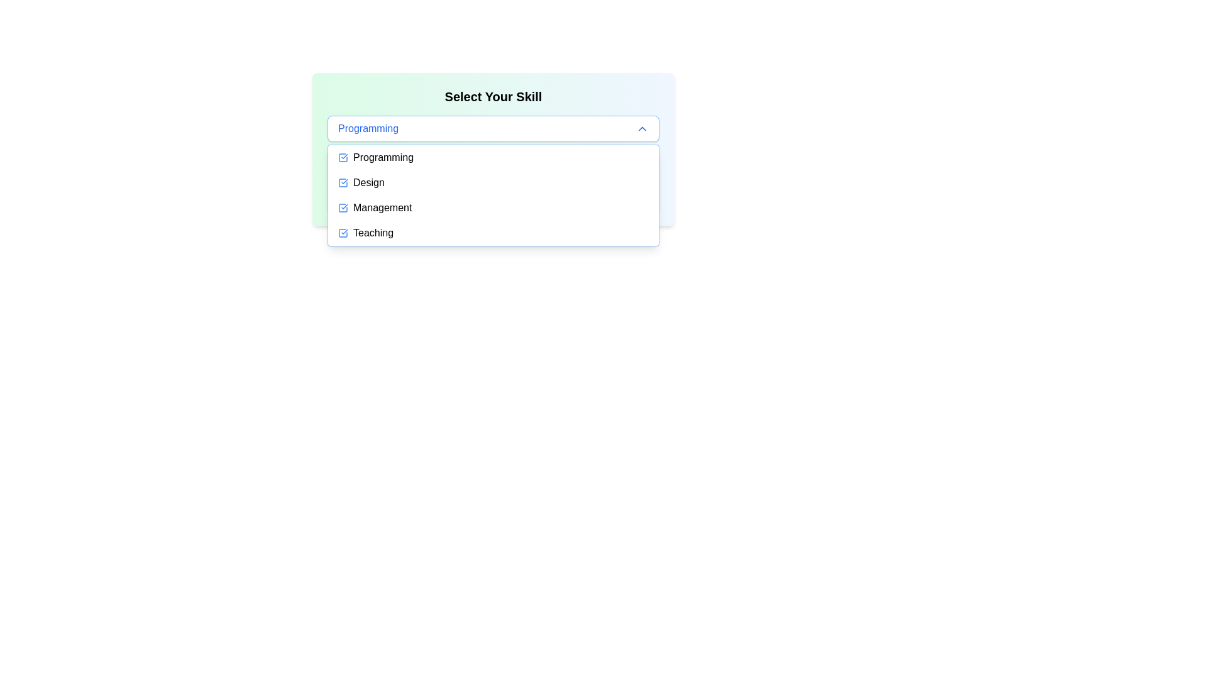  What do you see at coordinates (493, 207) in the screenshot?
I see `the 'Management' option in the selectable menu` at bounding box center [493, 207].